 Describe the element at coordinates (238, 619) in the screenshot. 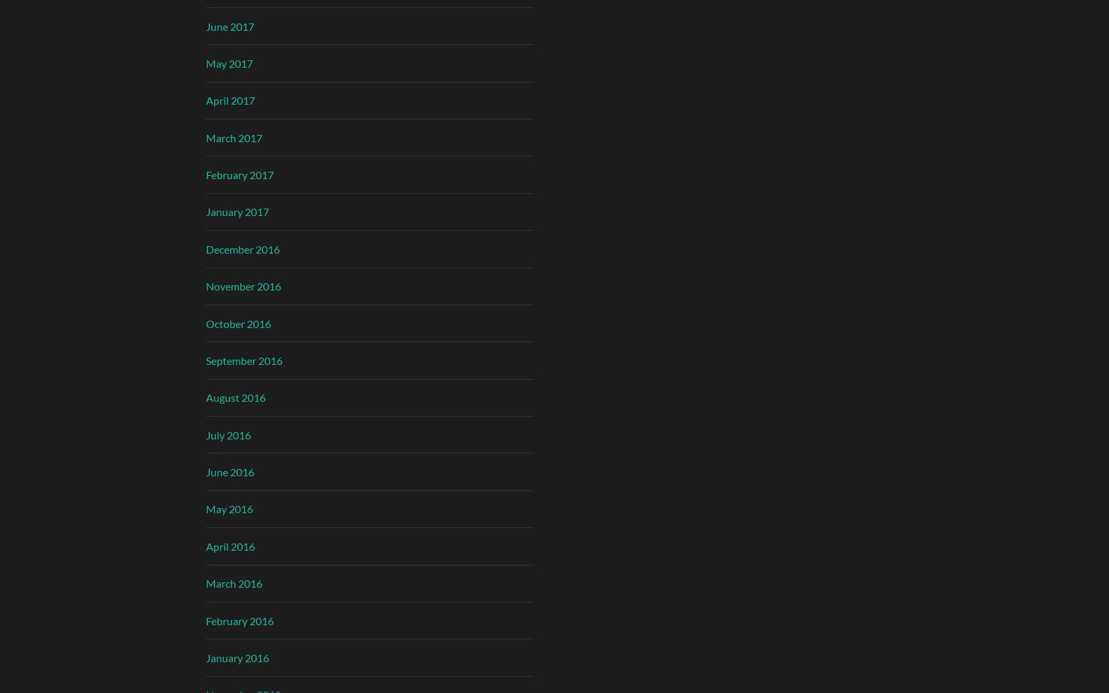

I see `'February 2016'` at that location.